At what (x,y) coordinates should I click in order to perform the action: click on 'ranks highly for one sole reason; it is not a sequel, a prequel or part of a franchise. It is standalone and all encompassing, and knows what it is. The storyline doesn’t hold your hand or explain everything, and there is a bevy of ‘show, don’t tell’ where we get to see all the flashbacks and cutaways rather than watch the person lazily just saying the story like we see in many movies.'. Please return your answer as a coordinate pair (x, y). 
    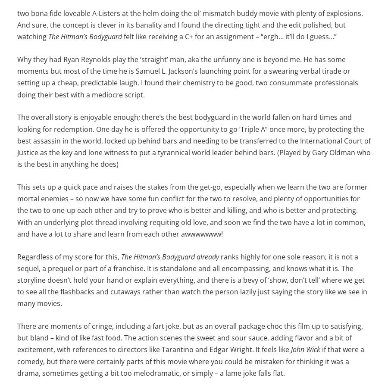
    Looking at the image, I should click on (192, 279).